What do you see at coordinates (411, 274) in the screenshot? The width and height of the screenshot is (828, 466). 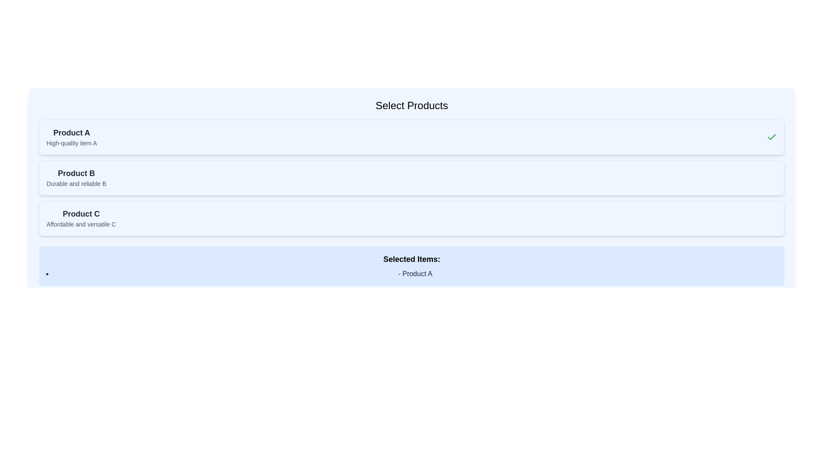 I see `the text label displaying 'Product A', which is the first item listed under the heading 'Selected Items:' in a light blue box at the bottom of the page` at bounding box center [411, 274].